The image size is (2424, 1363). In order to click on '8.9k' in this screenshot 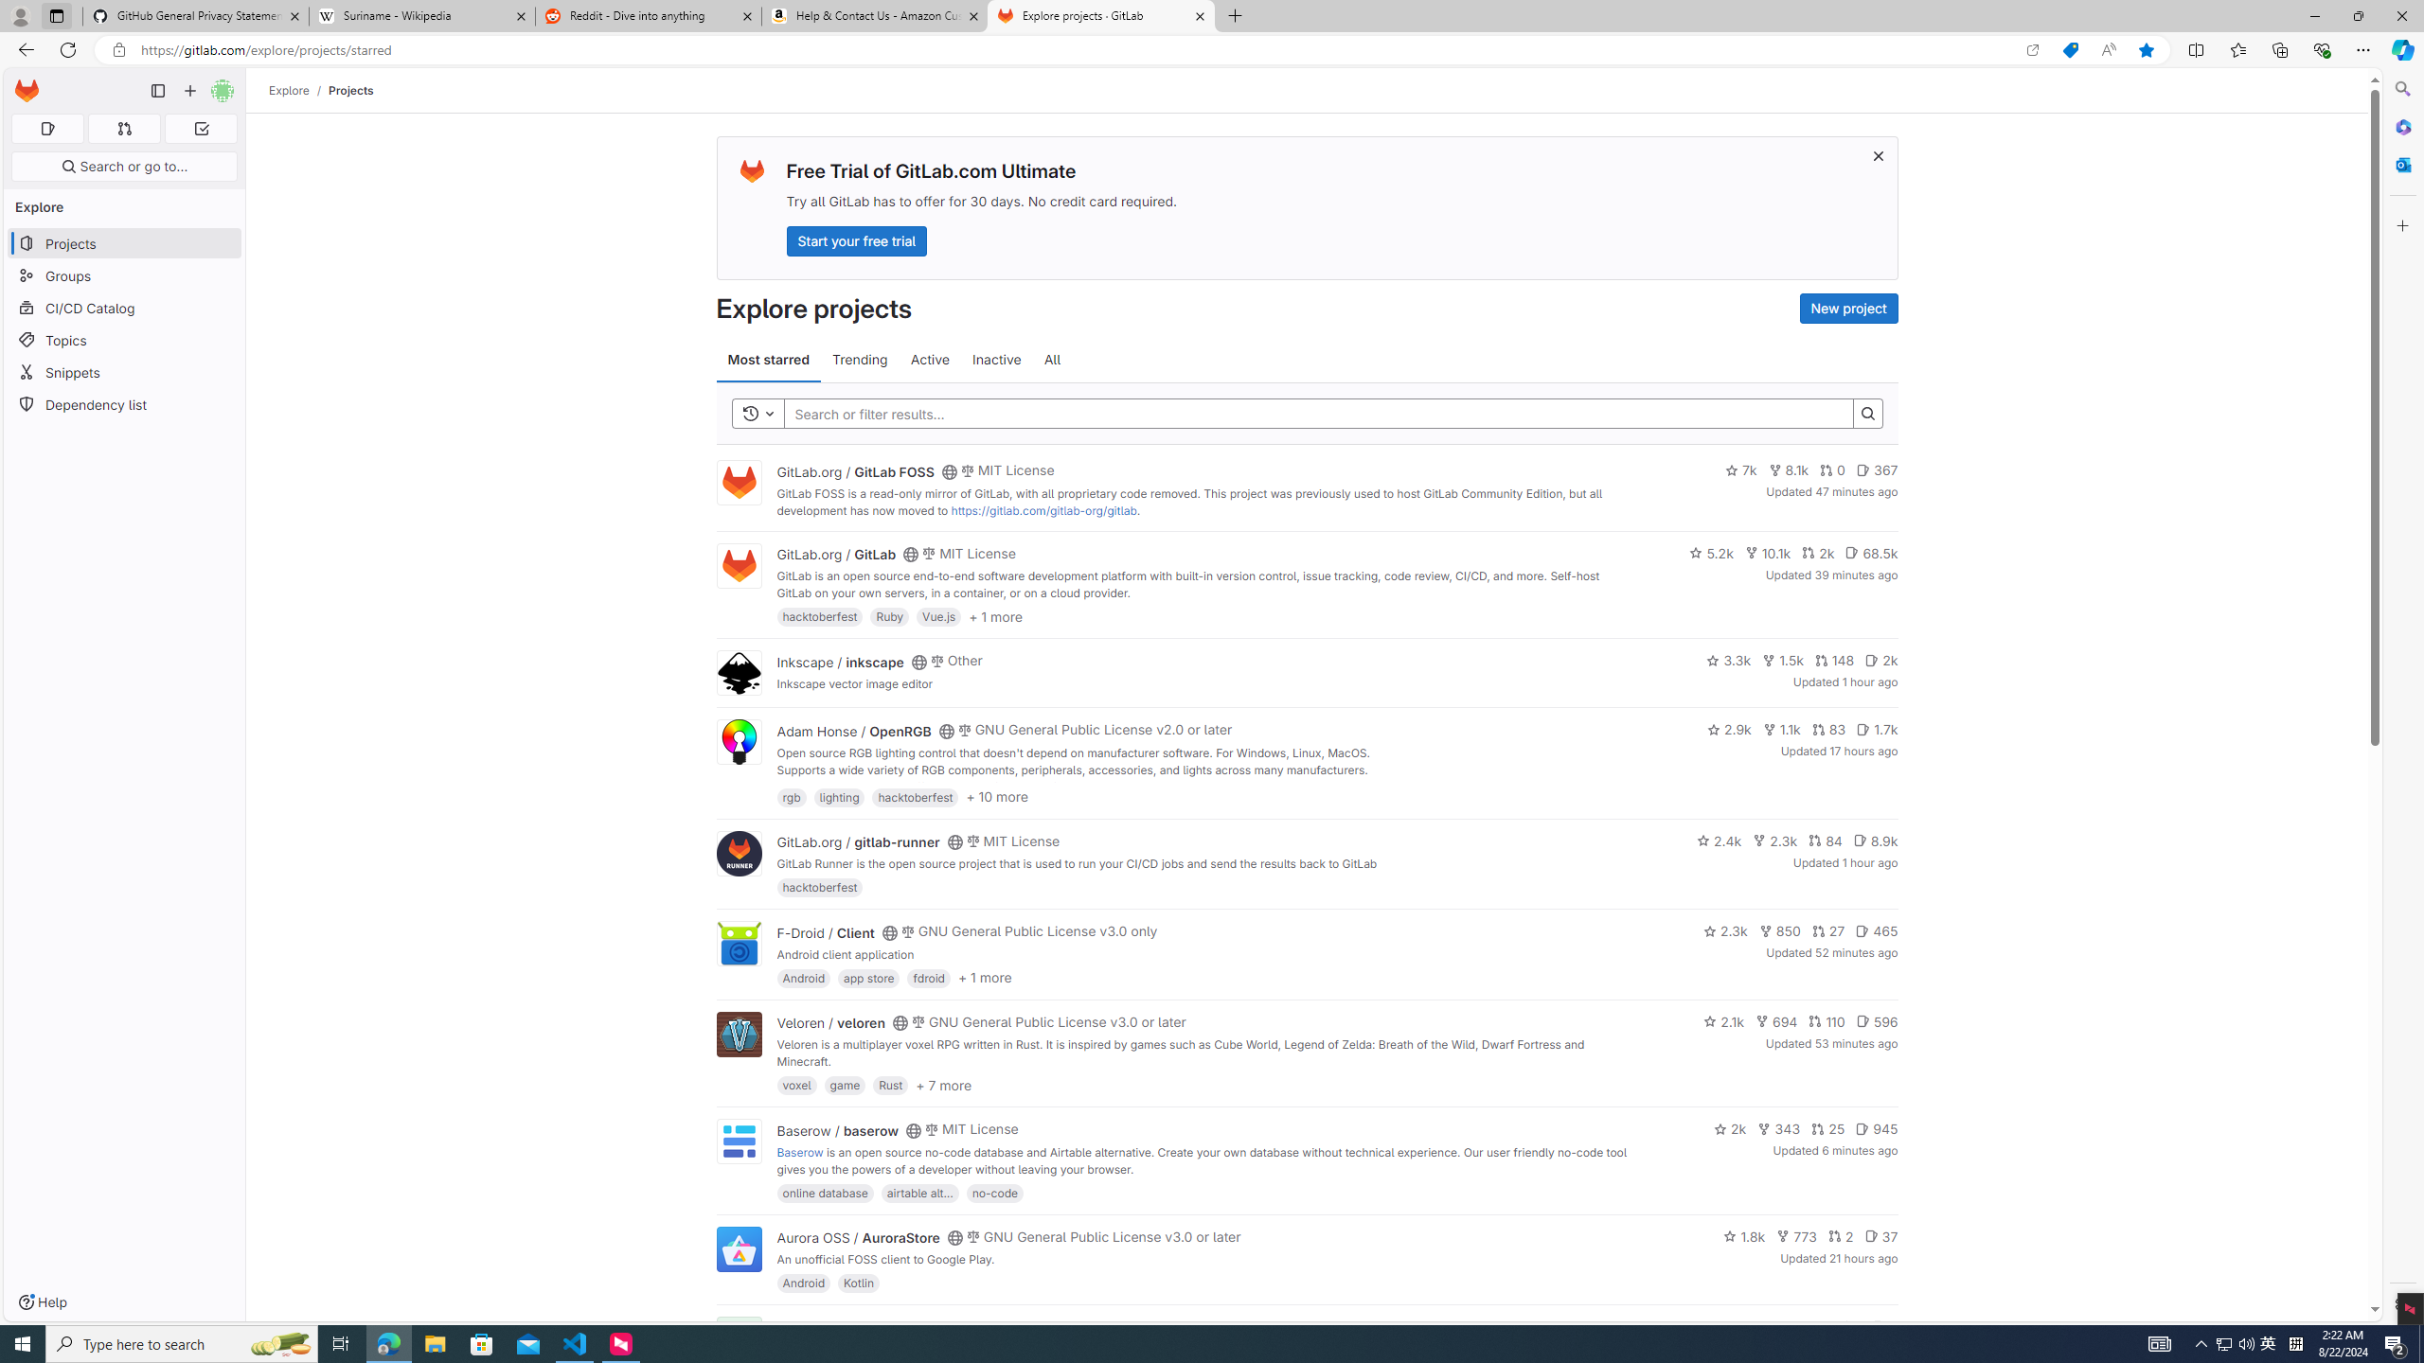, I will do `click(1875, 839)`.